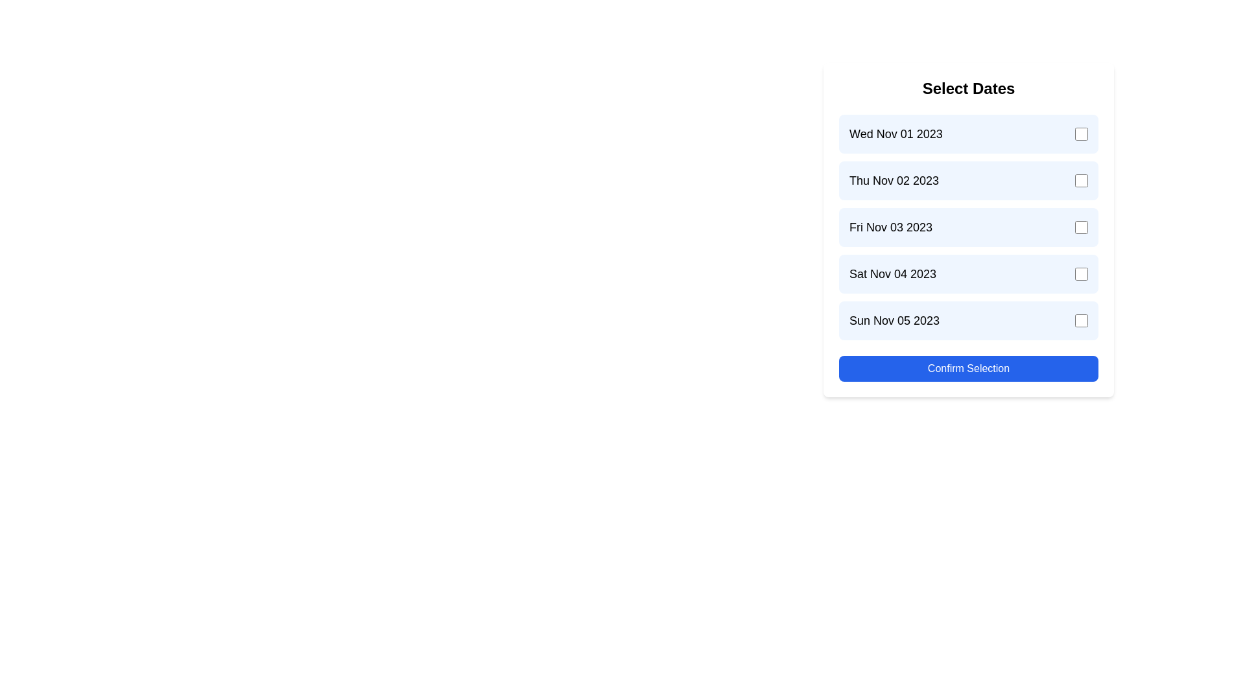 Image resolution: width=1245 pixels, height=700 pixels. Describe the element at coordinates (1082, 320) in the screenshot. I see `the checkbox corresponding to the date Sun Nov 05 2023` at that location.